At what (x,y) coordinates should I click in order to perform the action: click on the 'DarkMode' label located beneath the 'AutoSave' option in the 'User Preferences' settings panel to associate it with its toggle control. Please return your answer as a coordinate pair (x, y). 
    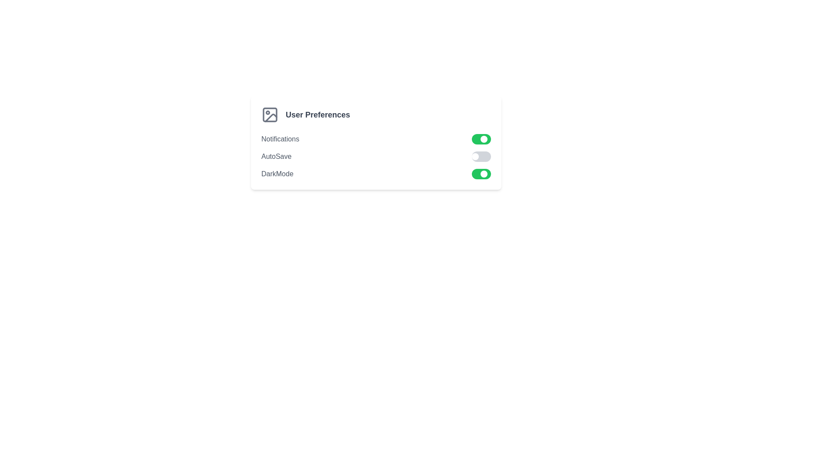
    Looking at the image, I should click on (277, 174).